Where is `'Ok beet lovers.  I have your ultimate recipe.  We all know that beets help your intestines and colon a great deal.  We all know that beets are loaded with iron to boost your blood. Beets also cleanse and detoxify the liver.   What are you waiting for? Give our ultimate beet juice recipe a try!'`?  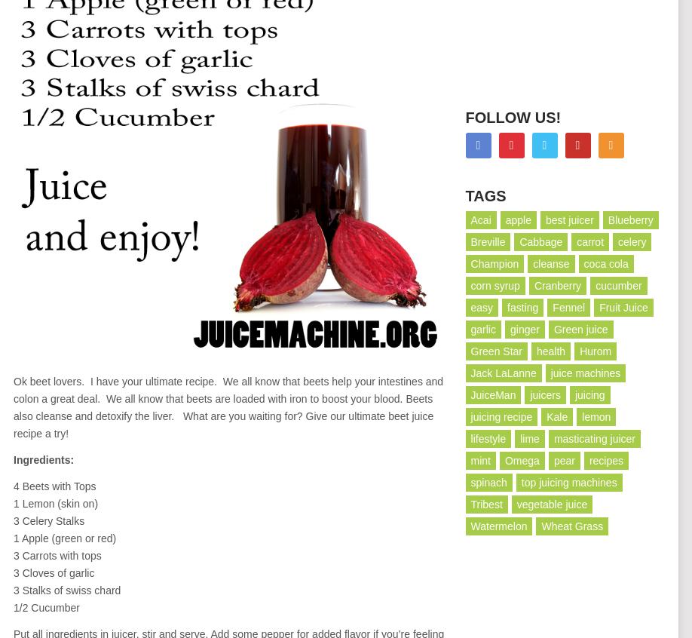 'Ok beet lovers.  I have your ultimate recipe.  We all know that beets help your intestines and colon a great deal.  We all know that beets are loaded with iron to boost your blood. Beets also cleanse and detoxify the liver.   What are you waiting for? Give our ultimate beet juice recipe a try!' is located at coordinates (228, 406).